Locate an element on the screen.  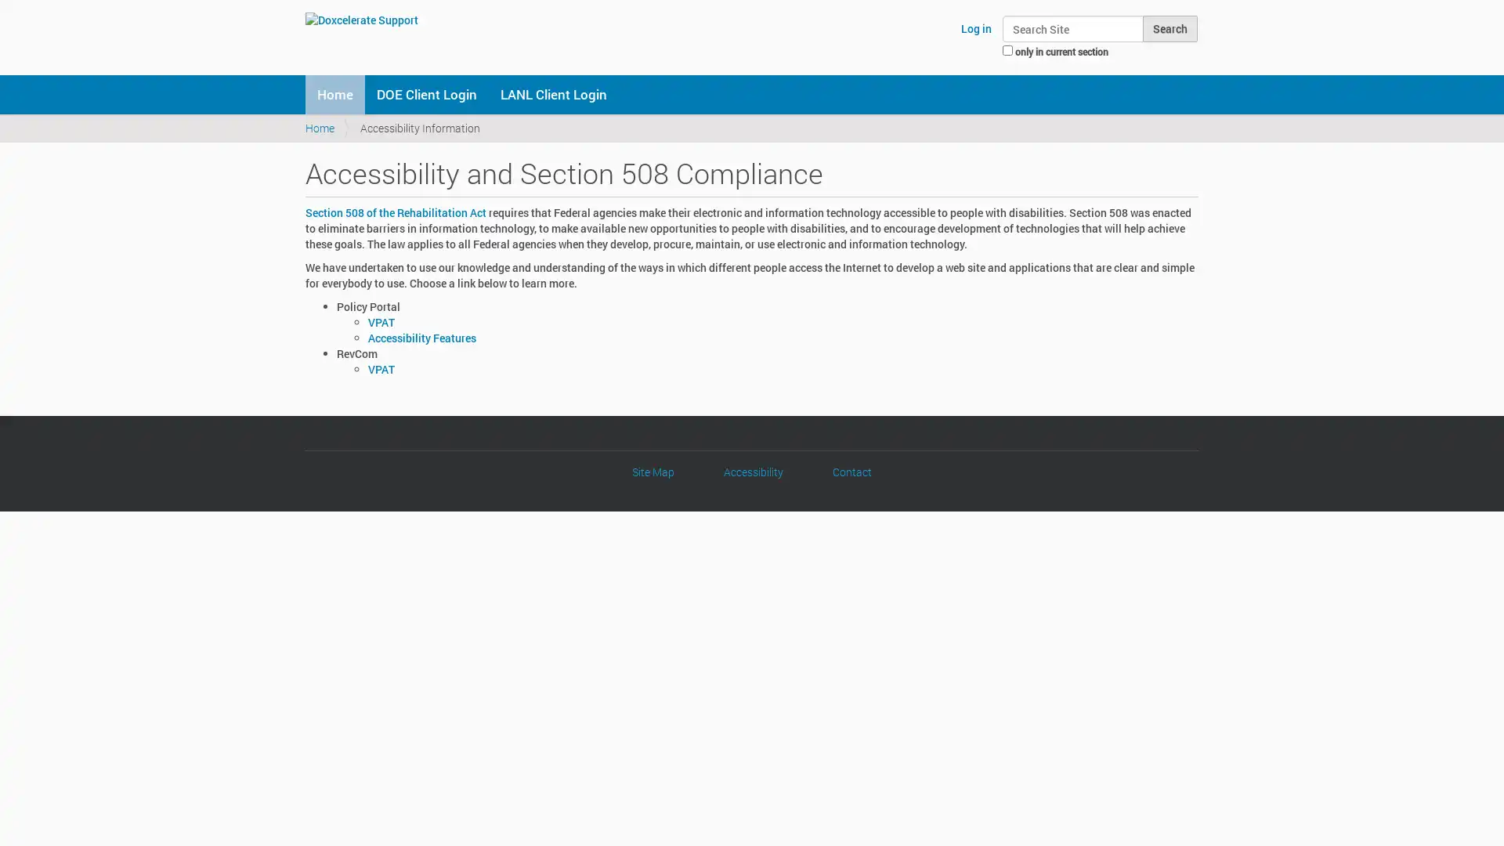
Search is located at coordinates (1170, 29).